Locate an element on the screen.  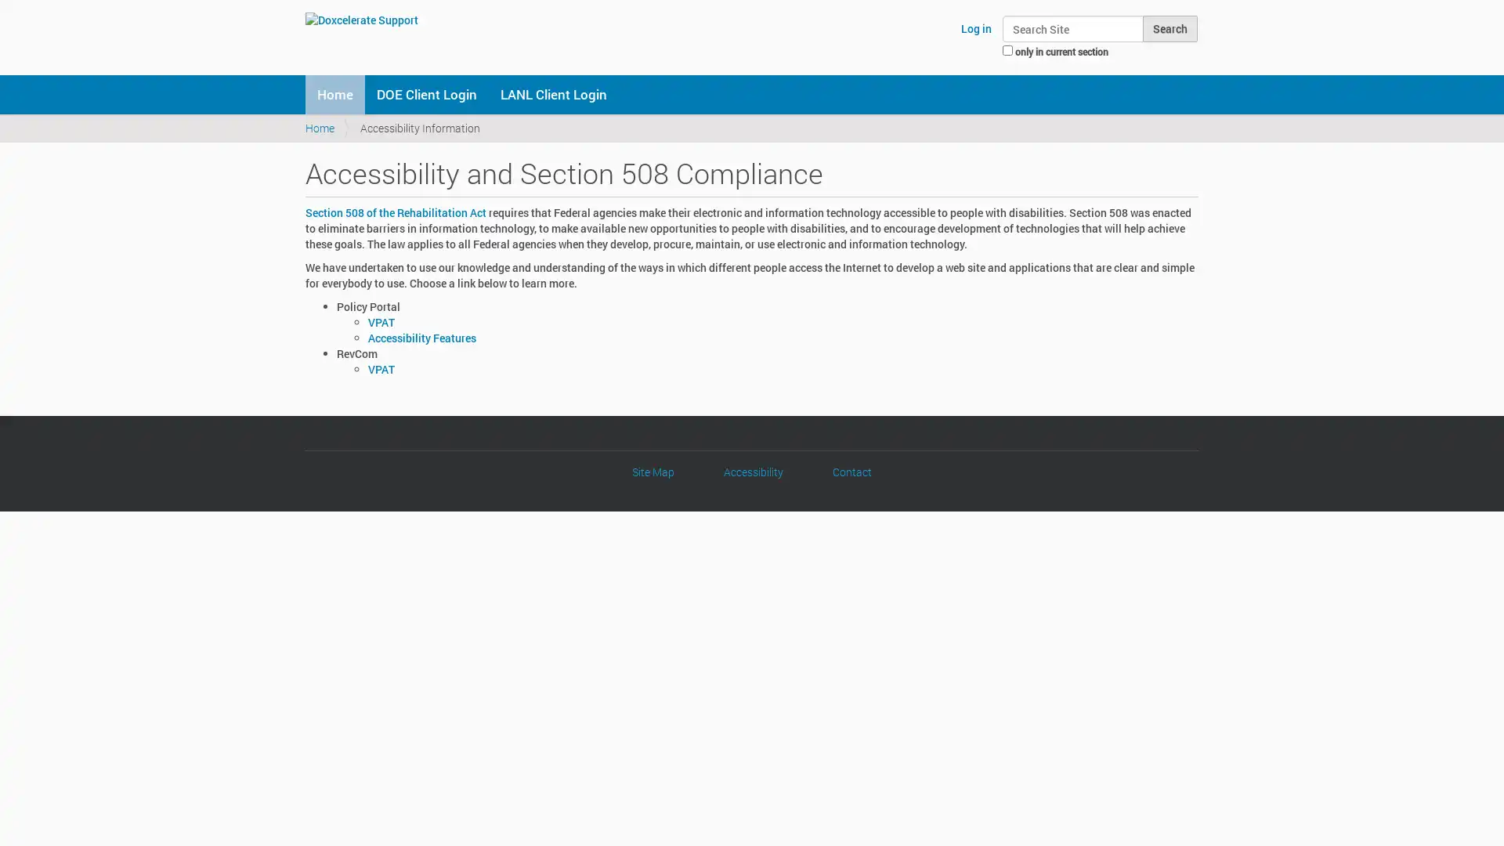
Search is located at coordinates (1170, 29).